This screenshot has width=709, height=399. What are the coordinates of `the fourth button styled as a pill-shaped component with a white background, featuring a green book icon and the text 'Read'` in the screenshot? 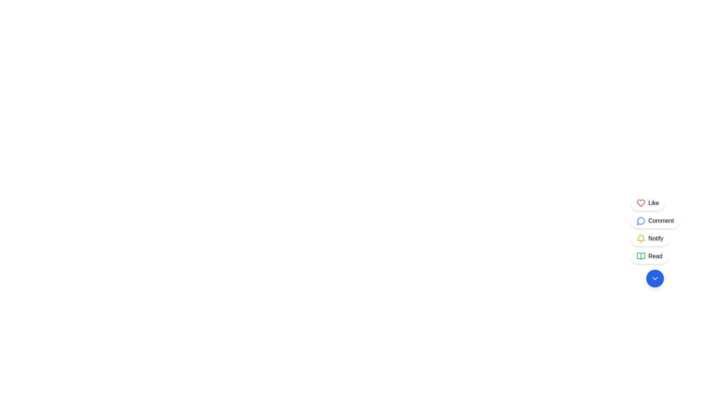 It's located at (649, 256).